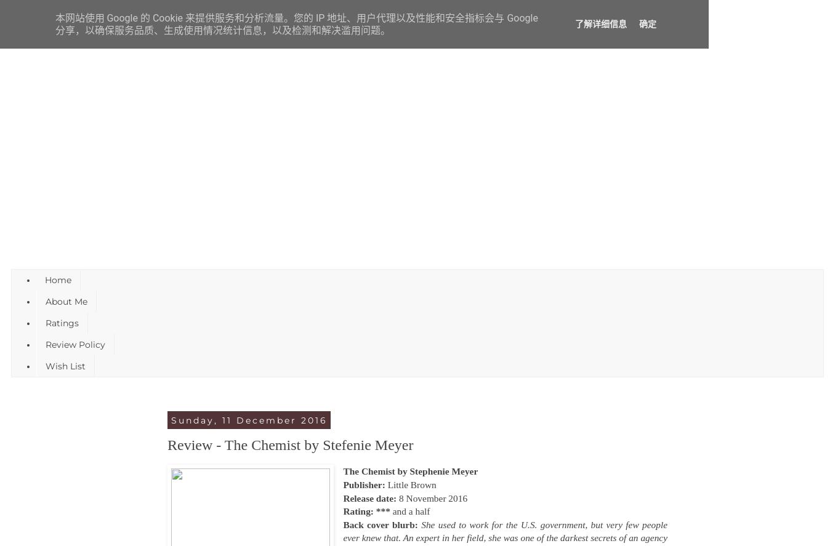  I want to click on 'Review - The Chemist by Stefenie Meyer', so click(289, 444).